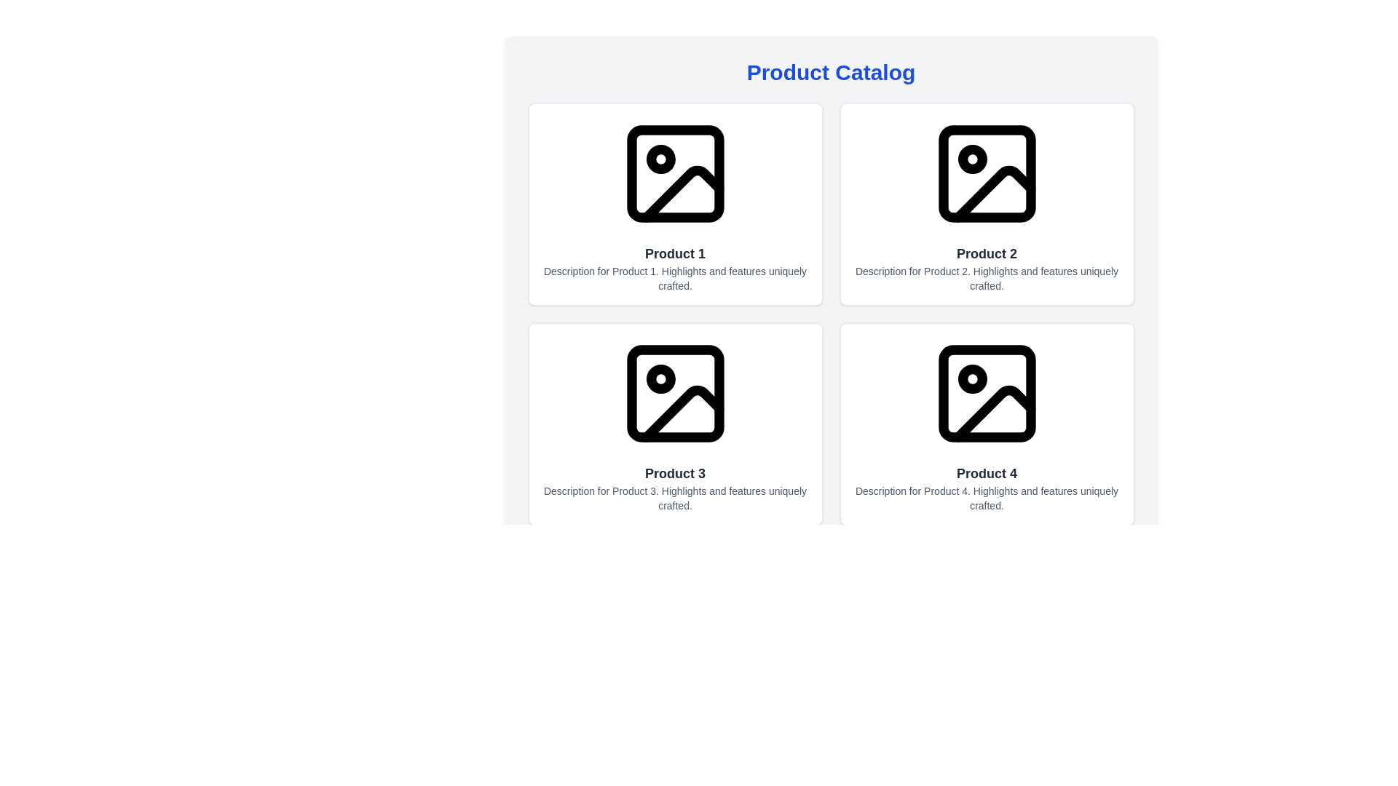 The width and height of the screenshot is (1398, 786). Describe the element at coordinates (674, 474) in the screenshot. I see `text label displaying 'Product 3' located in the second row and first column of the product catalog, styled in bold dark gray font` at that location.